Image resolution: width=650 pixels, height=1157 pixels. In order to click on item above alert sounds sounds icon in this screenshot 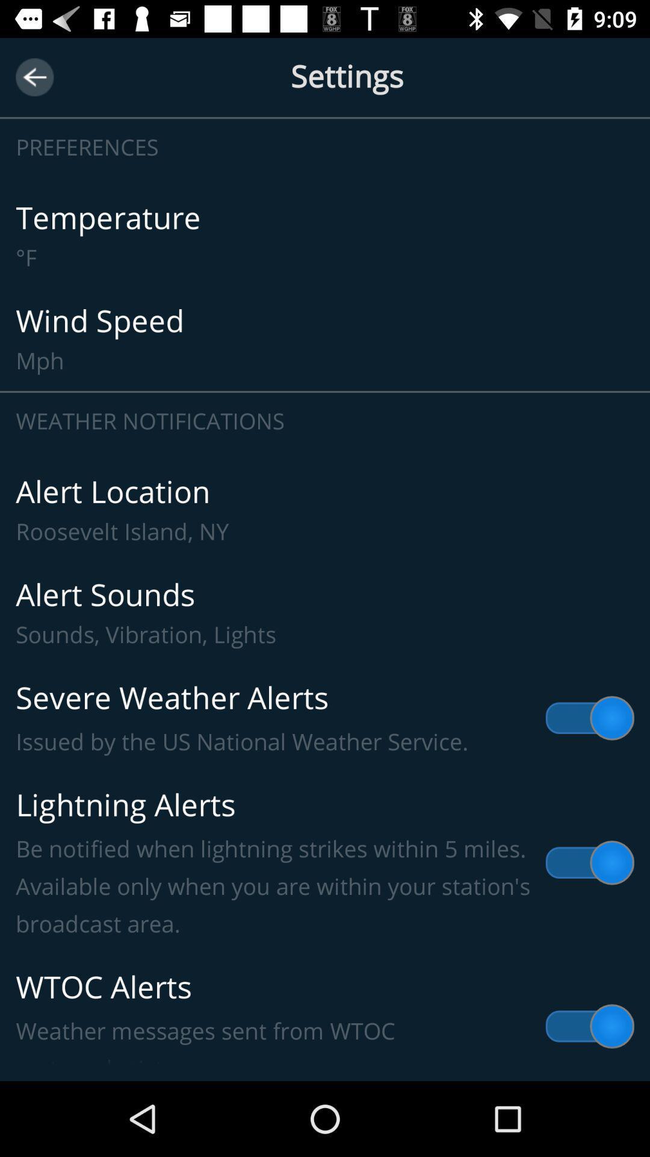, I will do `click(325, 510)`.